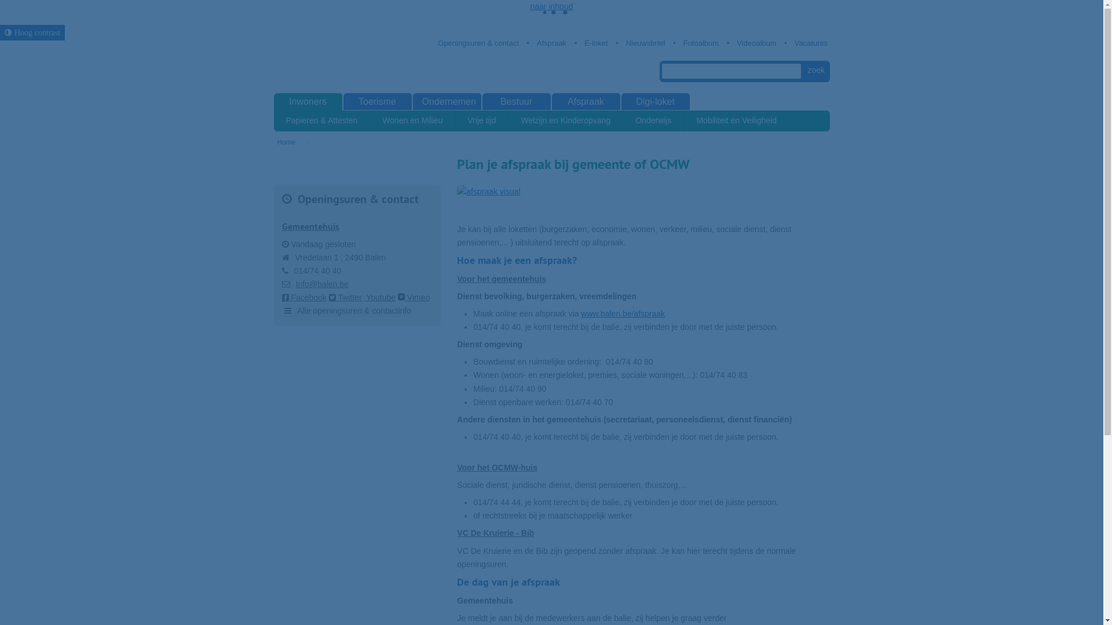  Describe the element at coordinates (335, 58) in the screenshot. I see `'Terug naar de homepage'` at that location.